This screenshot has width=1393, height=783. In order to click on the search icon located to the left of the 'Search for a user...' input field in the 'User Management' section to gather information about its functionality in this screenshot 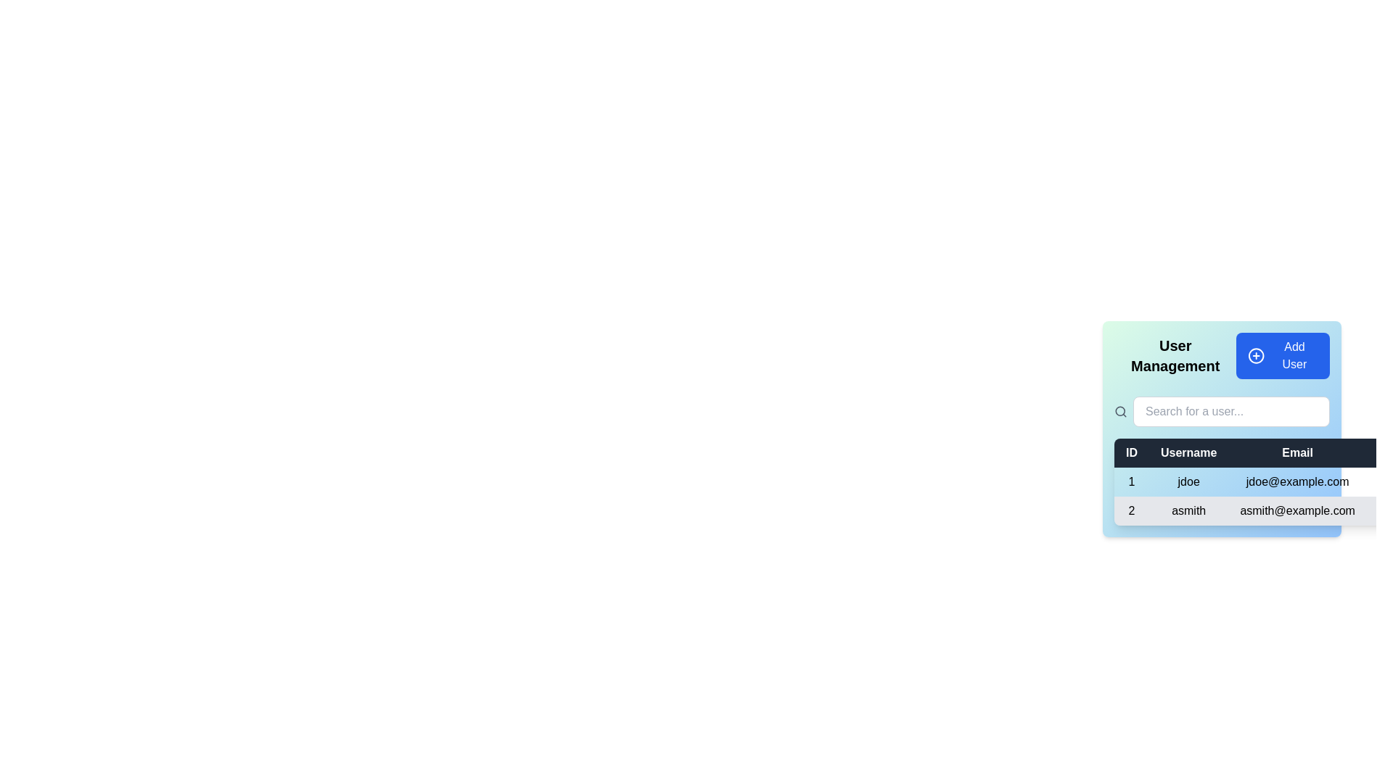, I will do `click(1120, 411)`.